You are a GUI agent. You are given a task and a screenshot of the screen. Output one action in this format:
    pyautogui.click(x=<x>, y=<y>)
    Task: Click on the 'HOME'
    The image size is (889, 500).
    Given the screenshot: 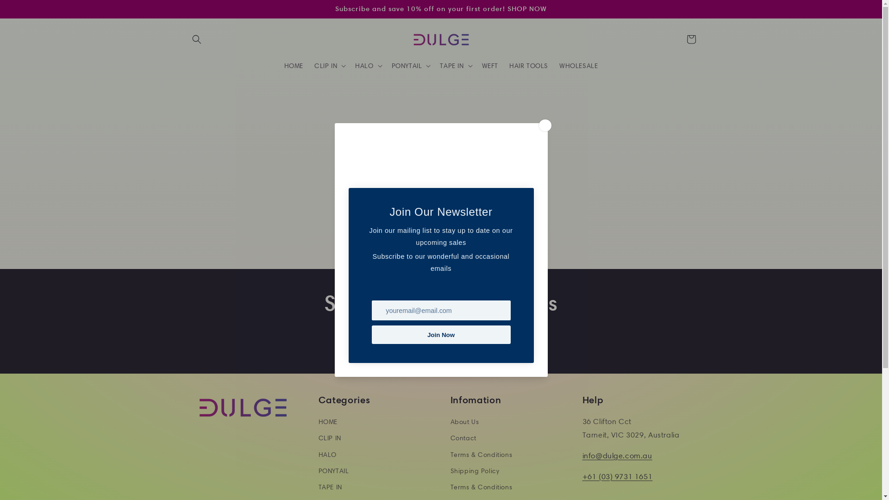 What is the action you would take?
    pyautogui.click(x=278, y=65)
    